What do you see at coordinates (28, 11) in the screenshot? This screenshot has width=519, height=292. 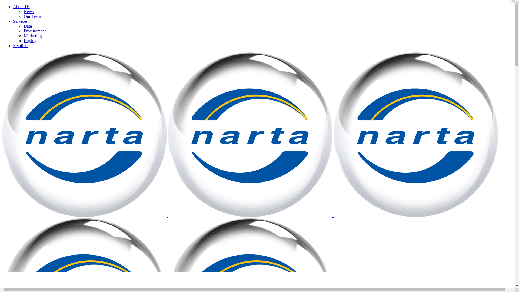 I see `'News'` at bounding box center [28, 11].